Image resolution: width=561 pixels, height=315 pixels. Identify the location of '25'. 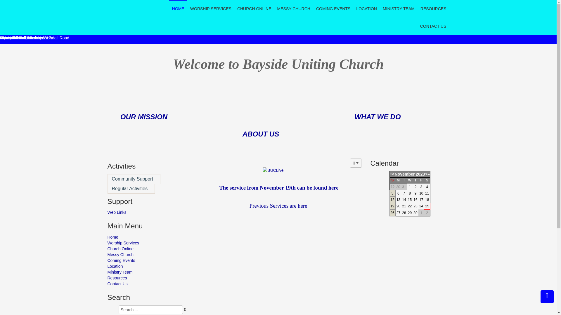
(425, 206).